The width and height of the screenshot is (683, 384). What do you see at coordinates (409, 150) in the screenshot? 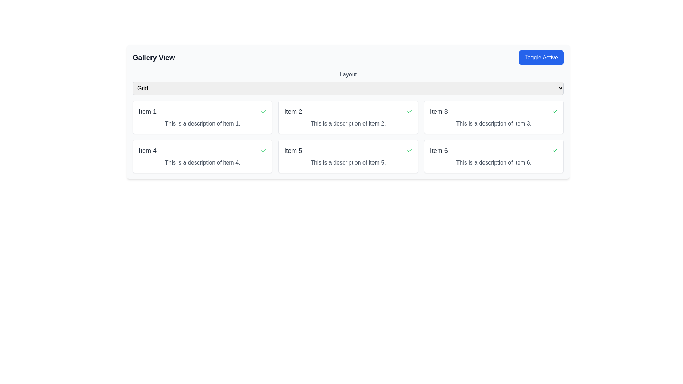
I see `the icon representing the completion or selection of 'Item 5' to confirm an action or toggle a state` at bounding box center [409, 150].